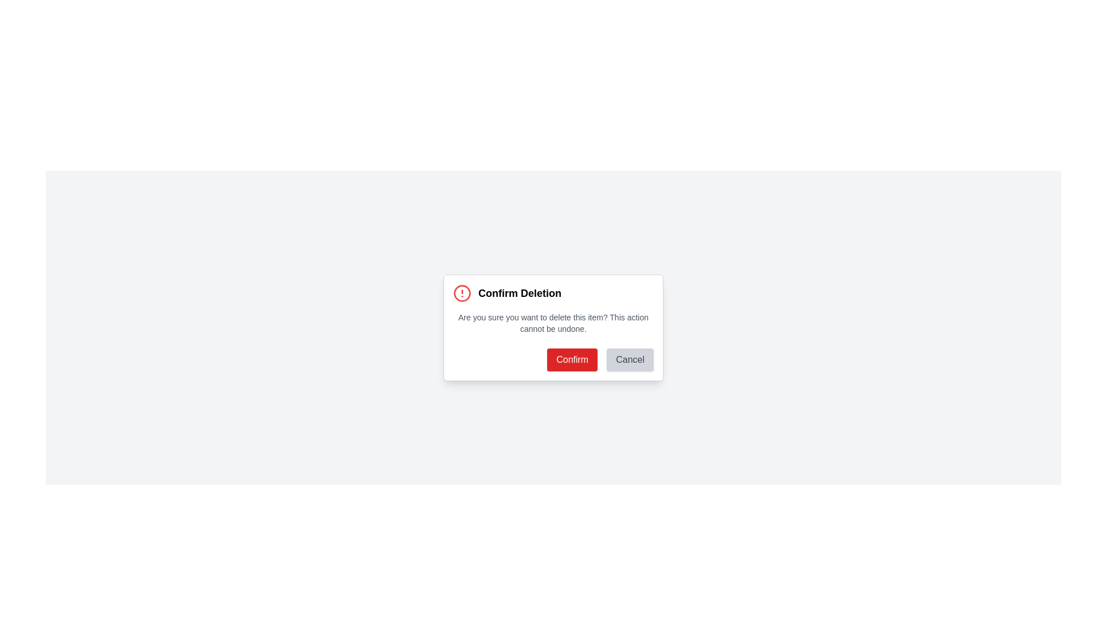 The image size is (1100, 619). What do you see at coordinates (553, 327) in the screenshot?
I see `message from the confirmation dialog located at the center of the dimmed background overlay` at bounding box center [553, 327].